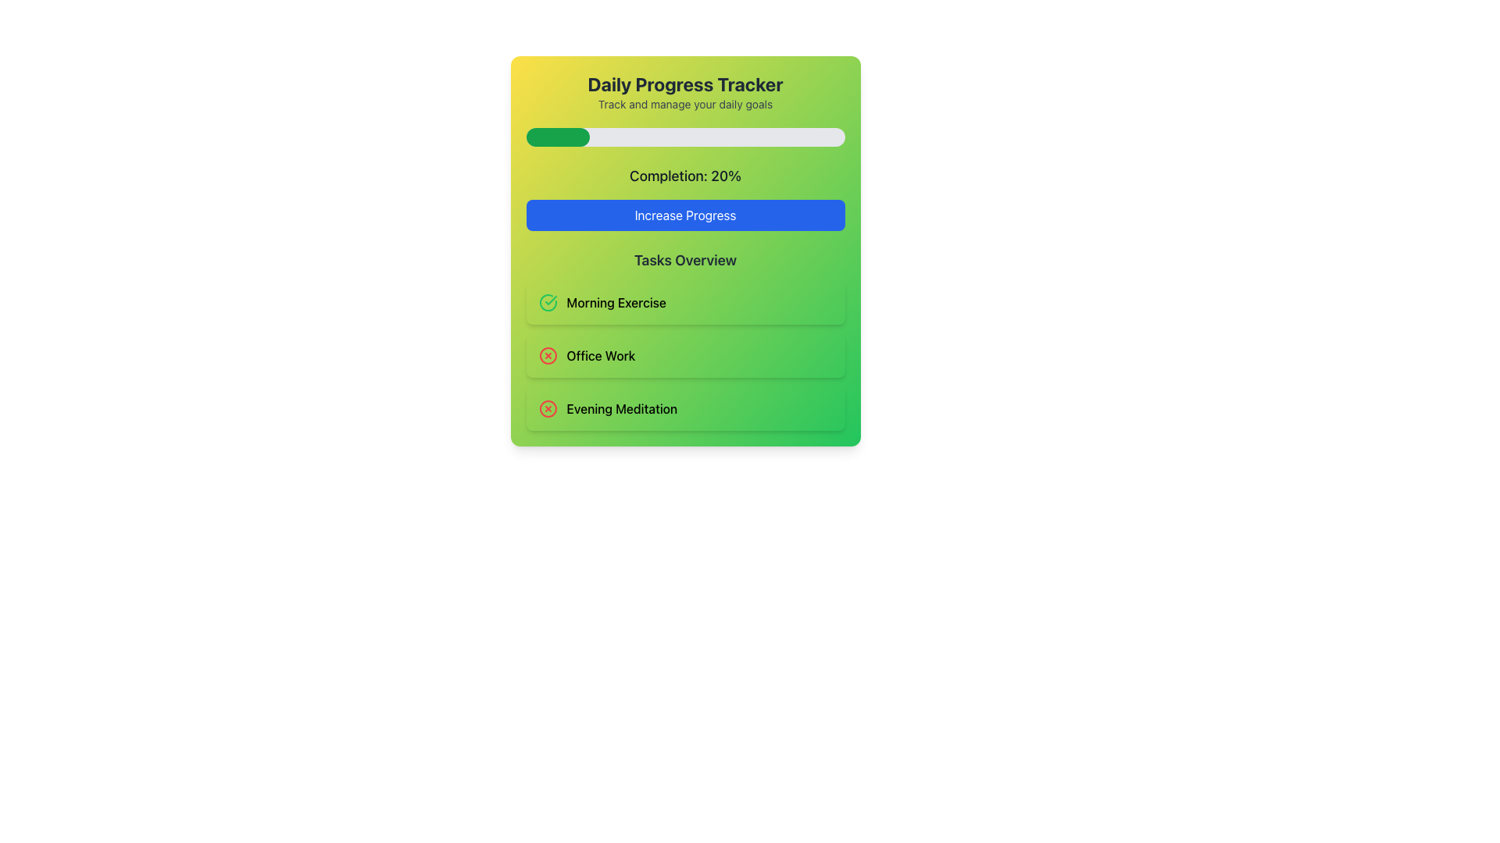 The height and width of the screenshot is (843, 1500). I want to click on the List item with the text 'Office Work' and a red cross icon, which is the second entry in the 'Tasks Overview' section, so click(685, 355).